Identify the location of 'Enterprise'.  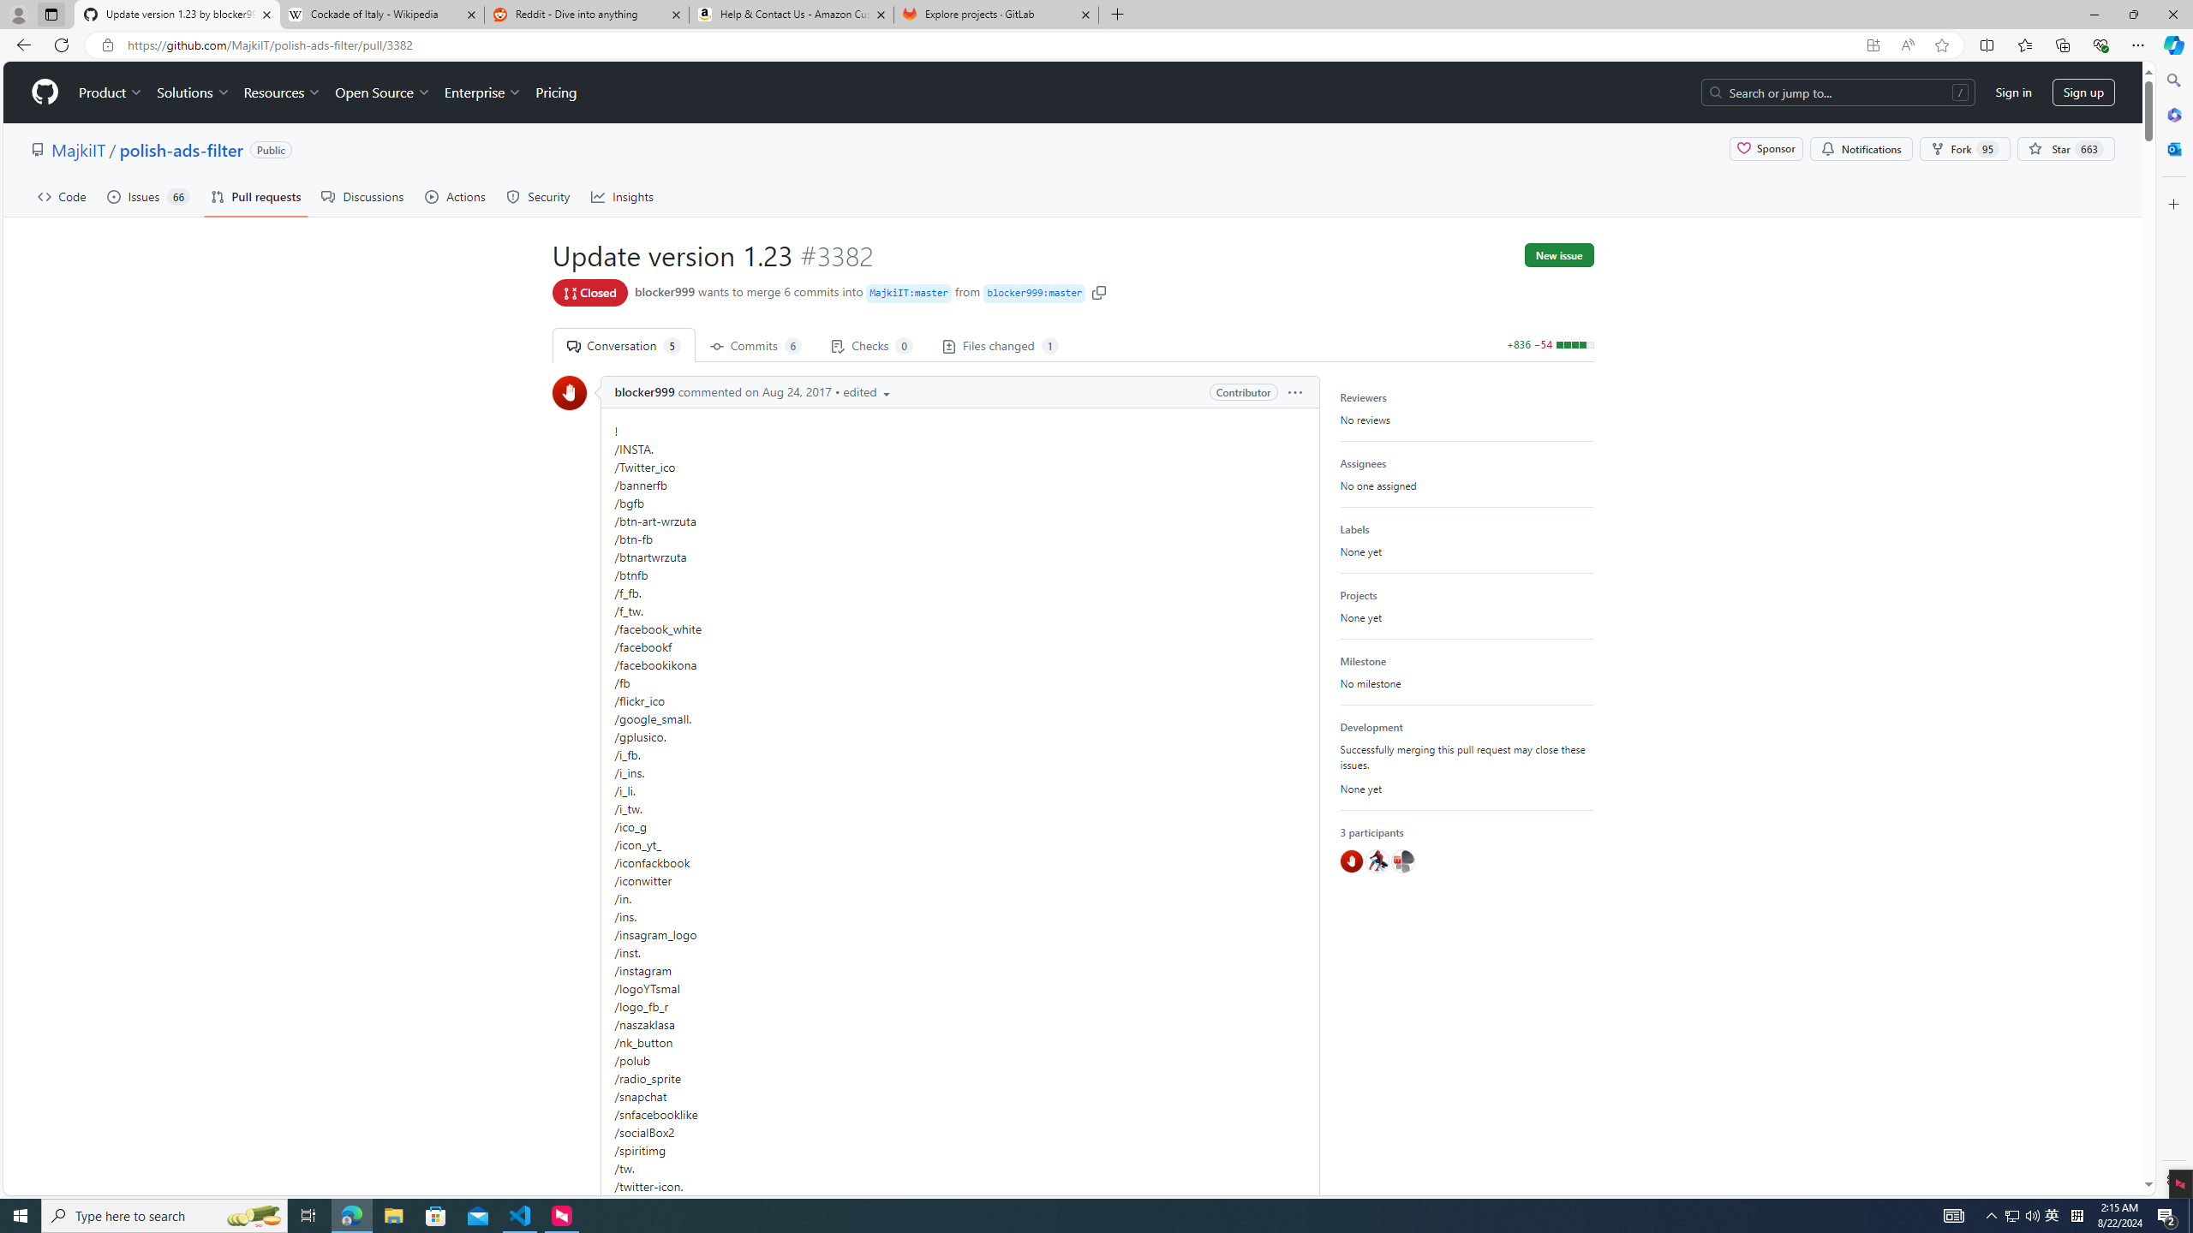
(481, 92).